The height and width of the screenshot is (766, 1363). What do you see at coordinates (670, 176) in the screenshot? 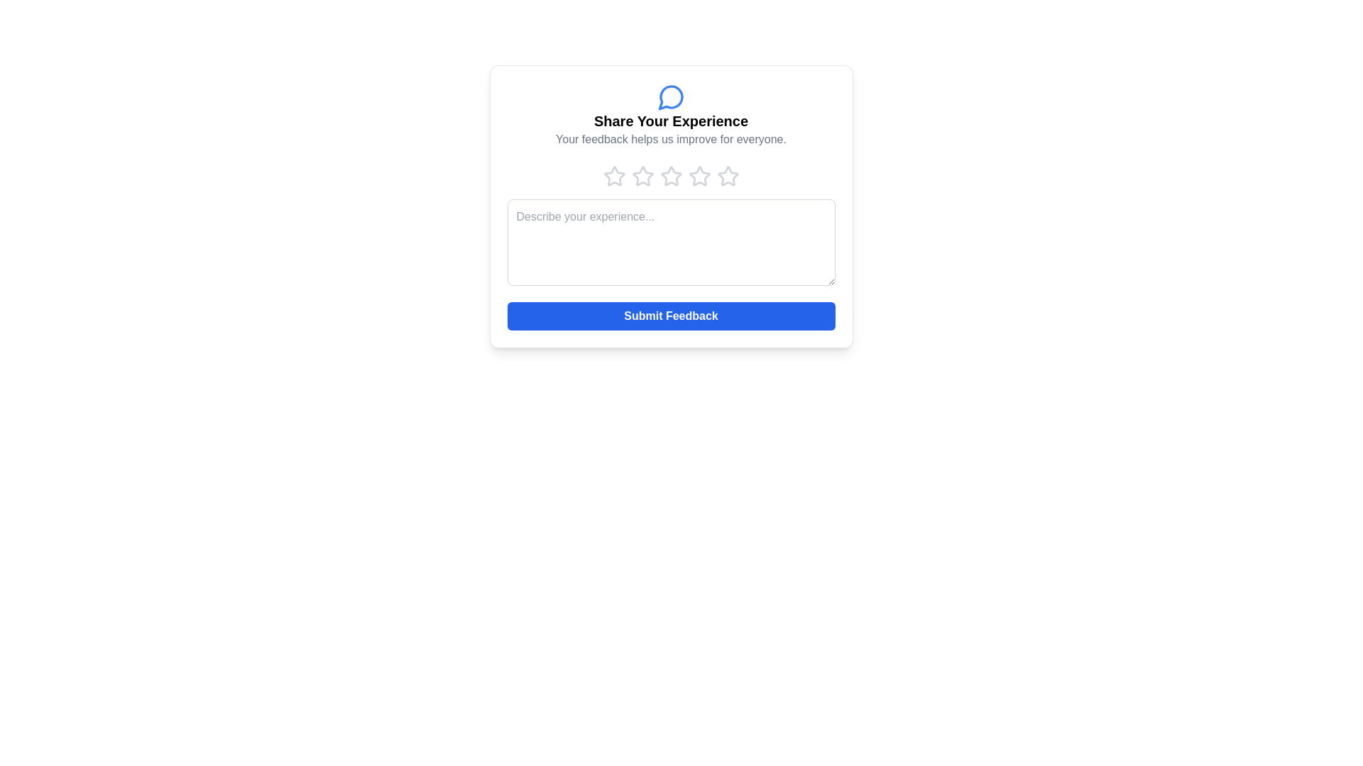
I see `the star in the Rating component` at bounding box center [670, 176].